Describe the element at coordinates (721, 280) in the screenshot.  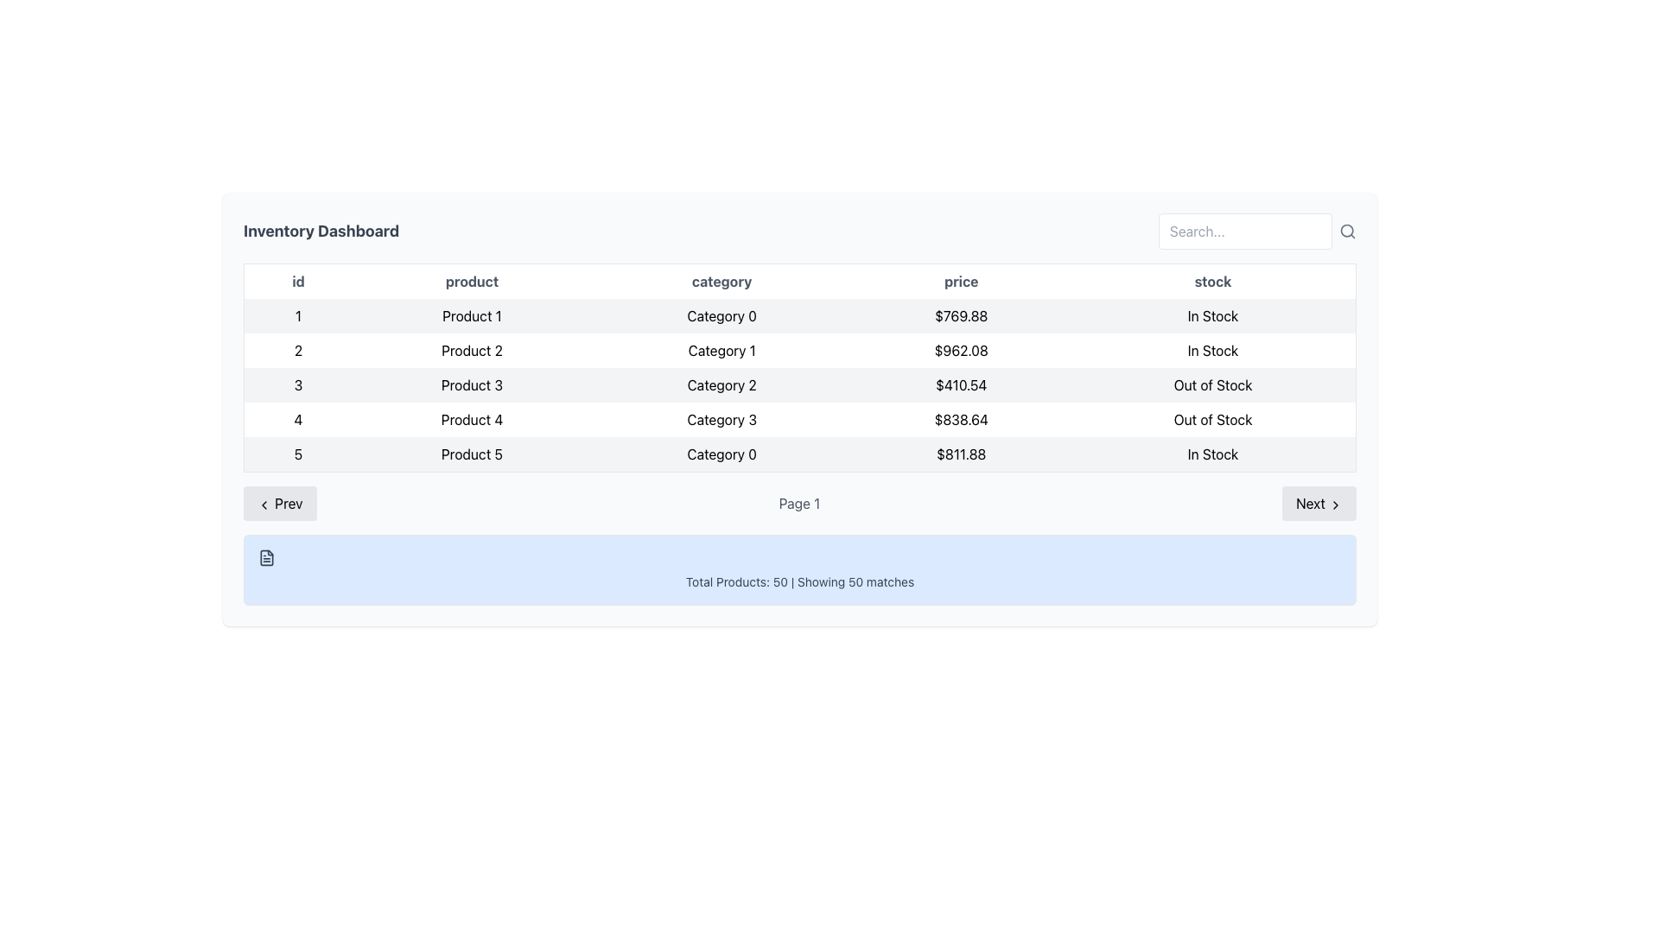
I see `the text label displaying 'category' in lowercase, which is the third column header in the table, part of the header row, aligned with other labels like 'product' and 'price'` at that location.